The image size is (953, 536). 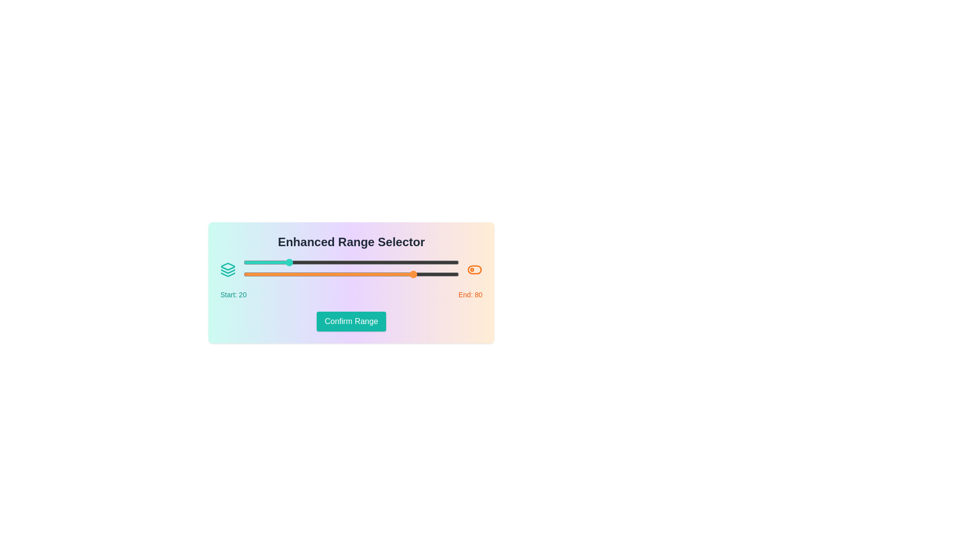 I want to click on the orange toggle switch located to the right of the 'End: 80' label, so click(x=474, y=269).